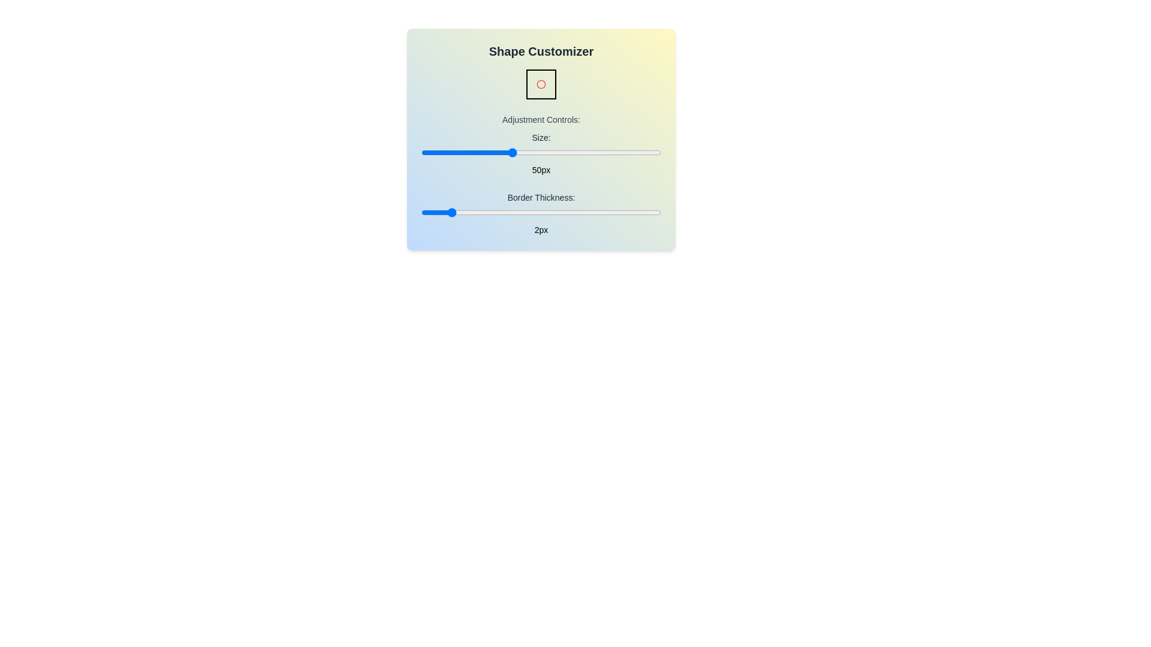 The image size is (1151, 647). Describe the element at coordinates (540, 84) in the screenshot. I see `the center of the shape to focus it` at that location.